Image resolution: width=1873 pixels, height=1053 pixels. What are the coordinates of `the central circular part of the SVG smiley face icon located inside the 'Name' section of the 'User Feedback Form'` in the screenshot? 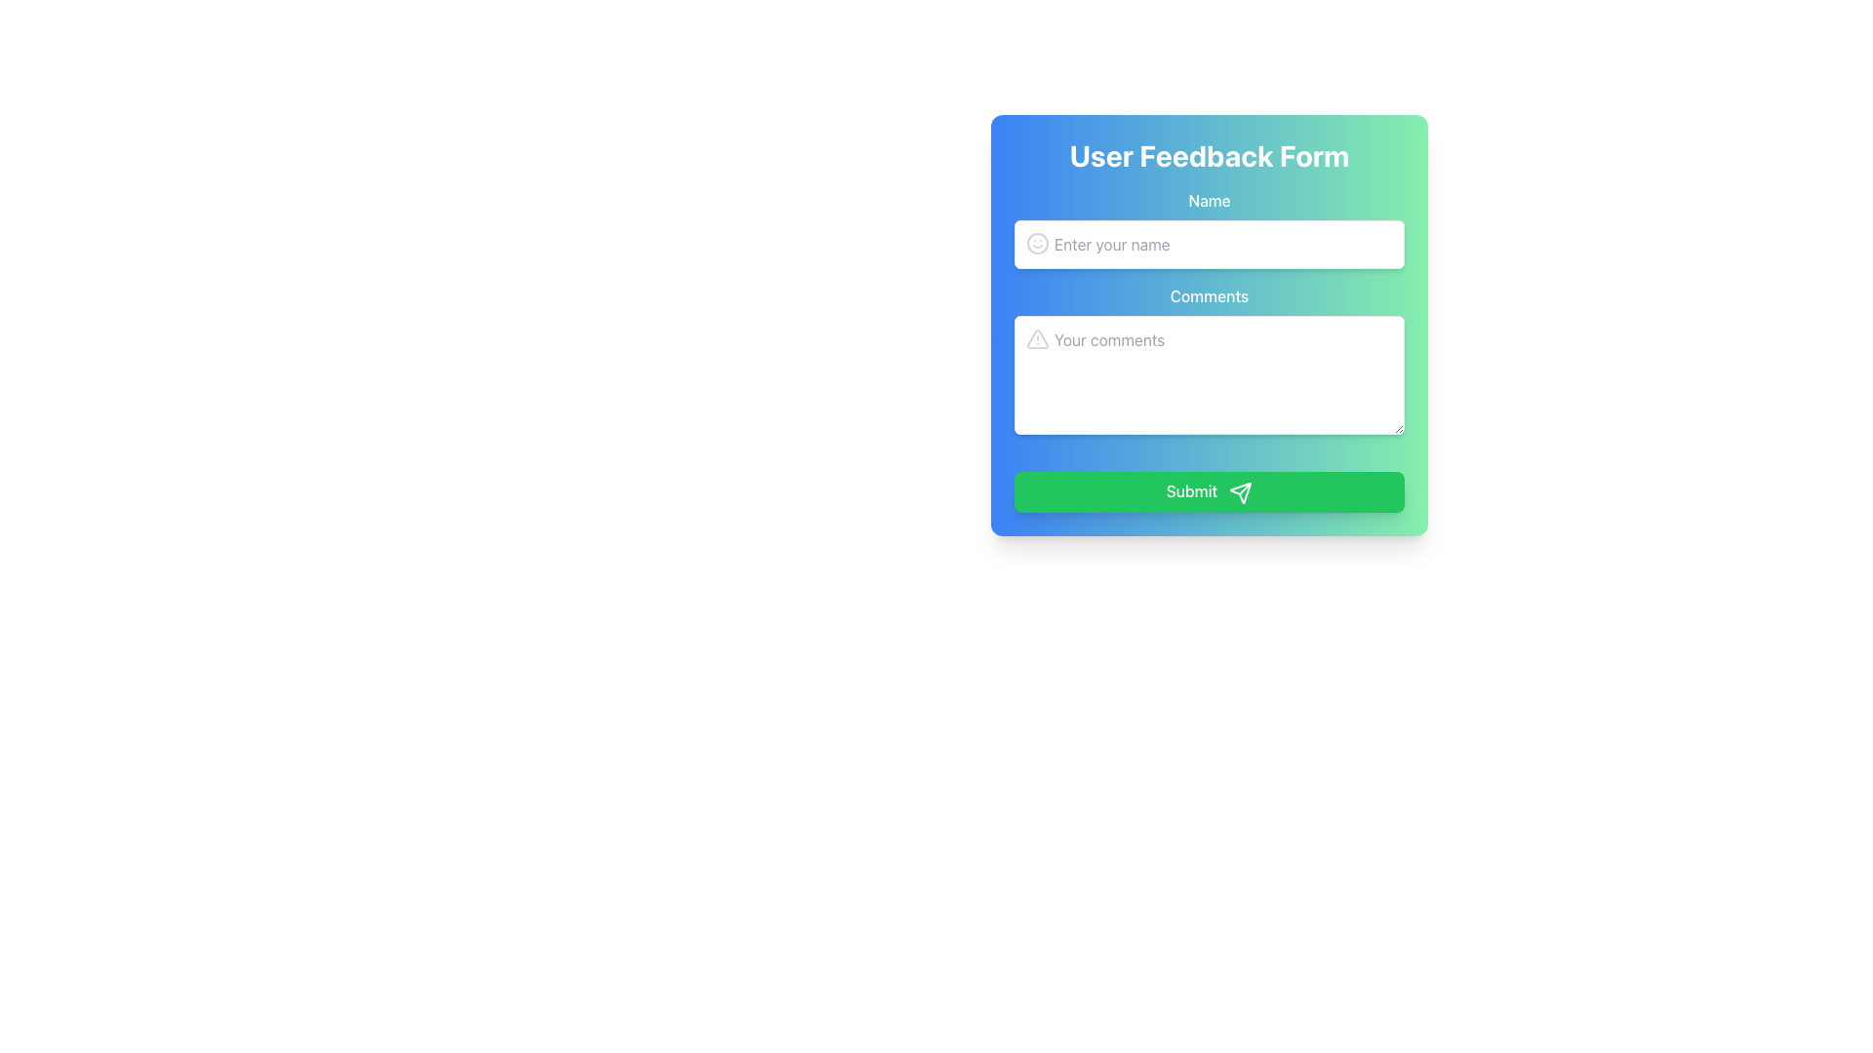 It's located at (1037, 243).